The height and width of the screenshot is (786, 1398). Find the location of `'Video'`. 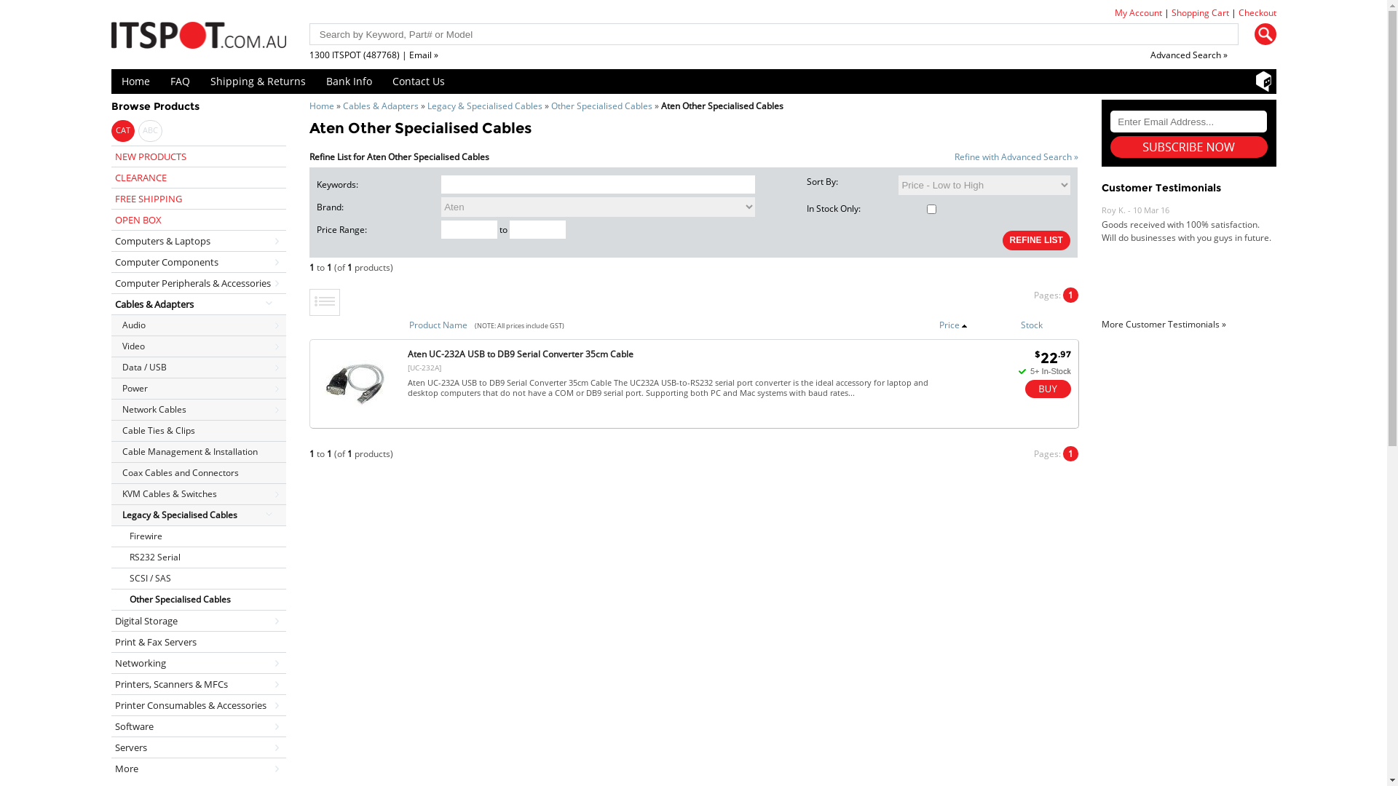

'Video' is located at coordinates (197, 346).